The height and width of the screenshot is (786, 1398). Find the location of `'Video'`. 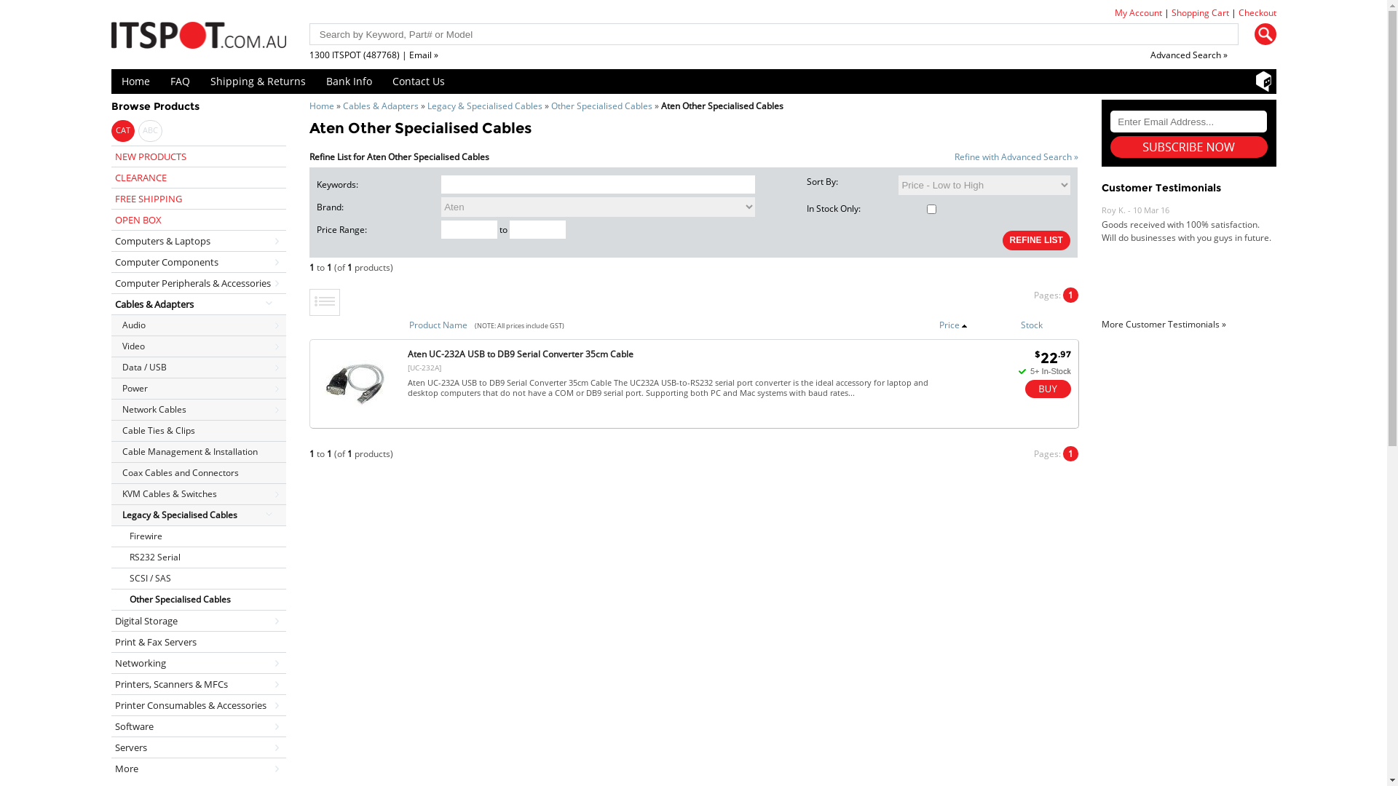

'Video' is located at coordinates (197, 346).